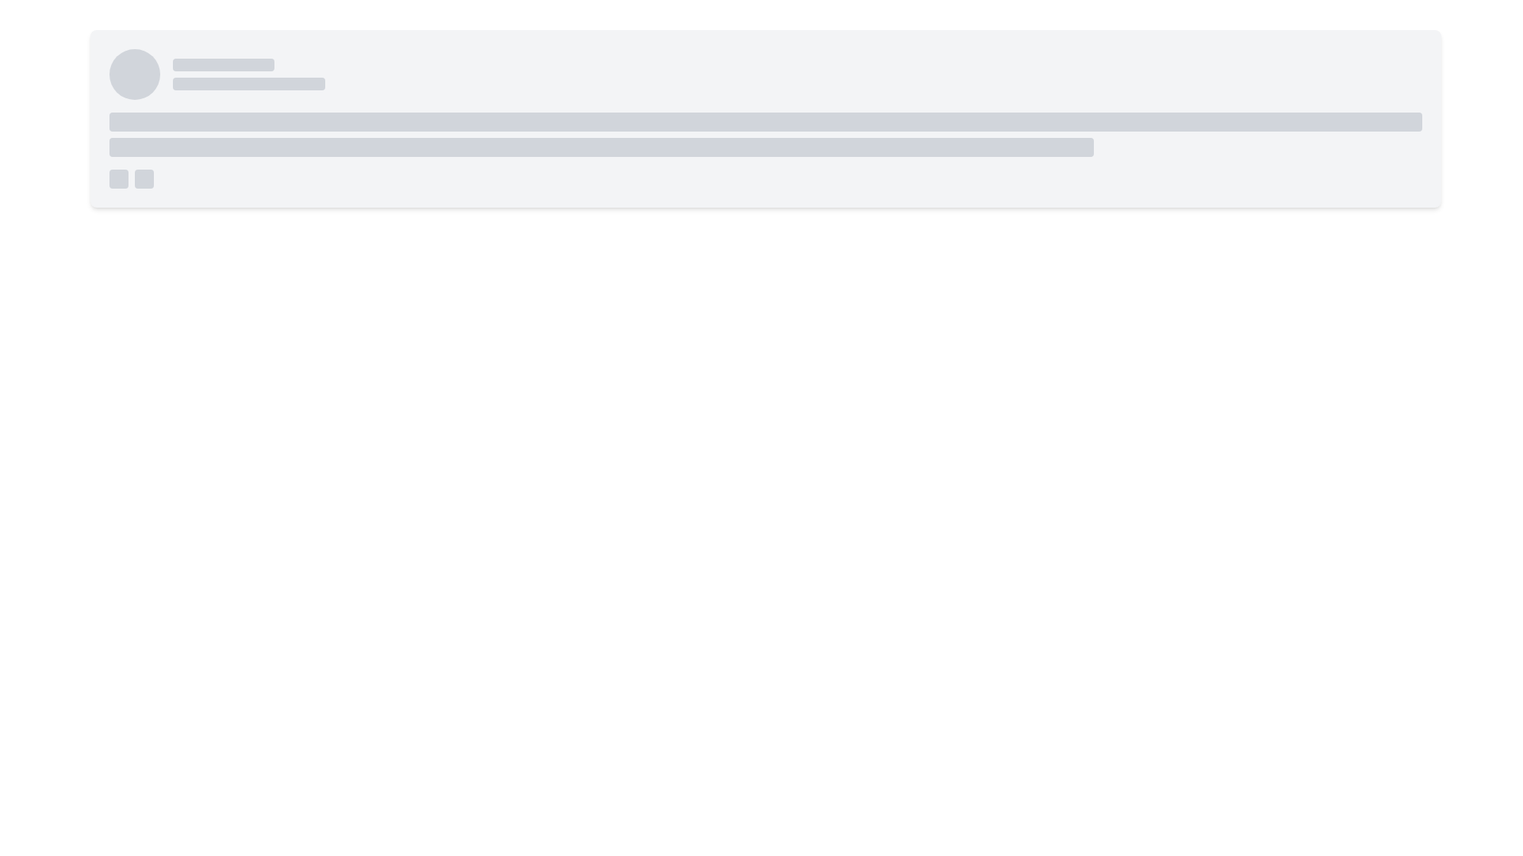 Image resolution: width=1523 pixels, height=856 pixels. I want to click on the Loading placeholder bar, which is a horizontal light gray bar with a rounded design, positioned centrally below its sibling element in the top section of the interface, so click(247, 83).